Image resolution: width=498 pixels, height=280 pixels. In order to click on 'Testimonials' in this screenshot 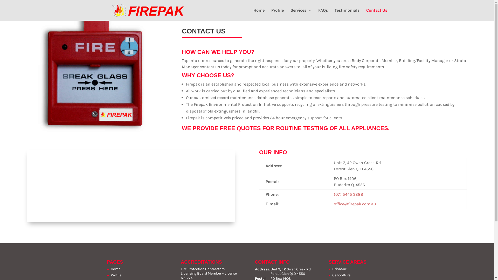, I will do `click(347, 14)`.